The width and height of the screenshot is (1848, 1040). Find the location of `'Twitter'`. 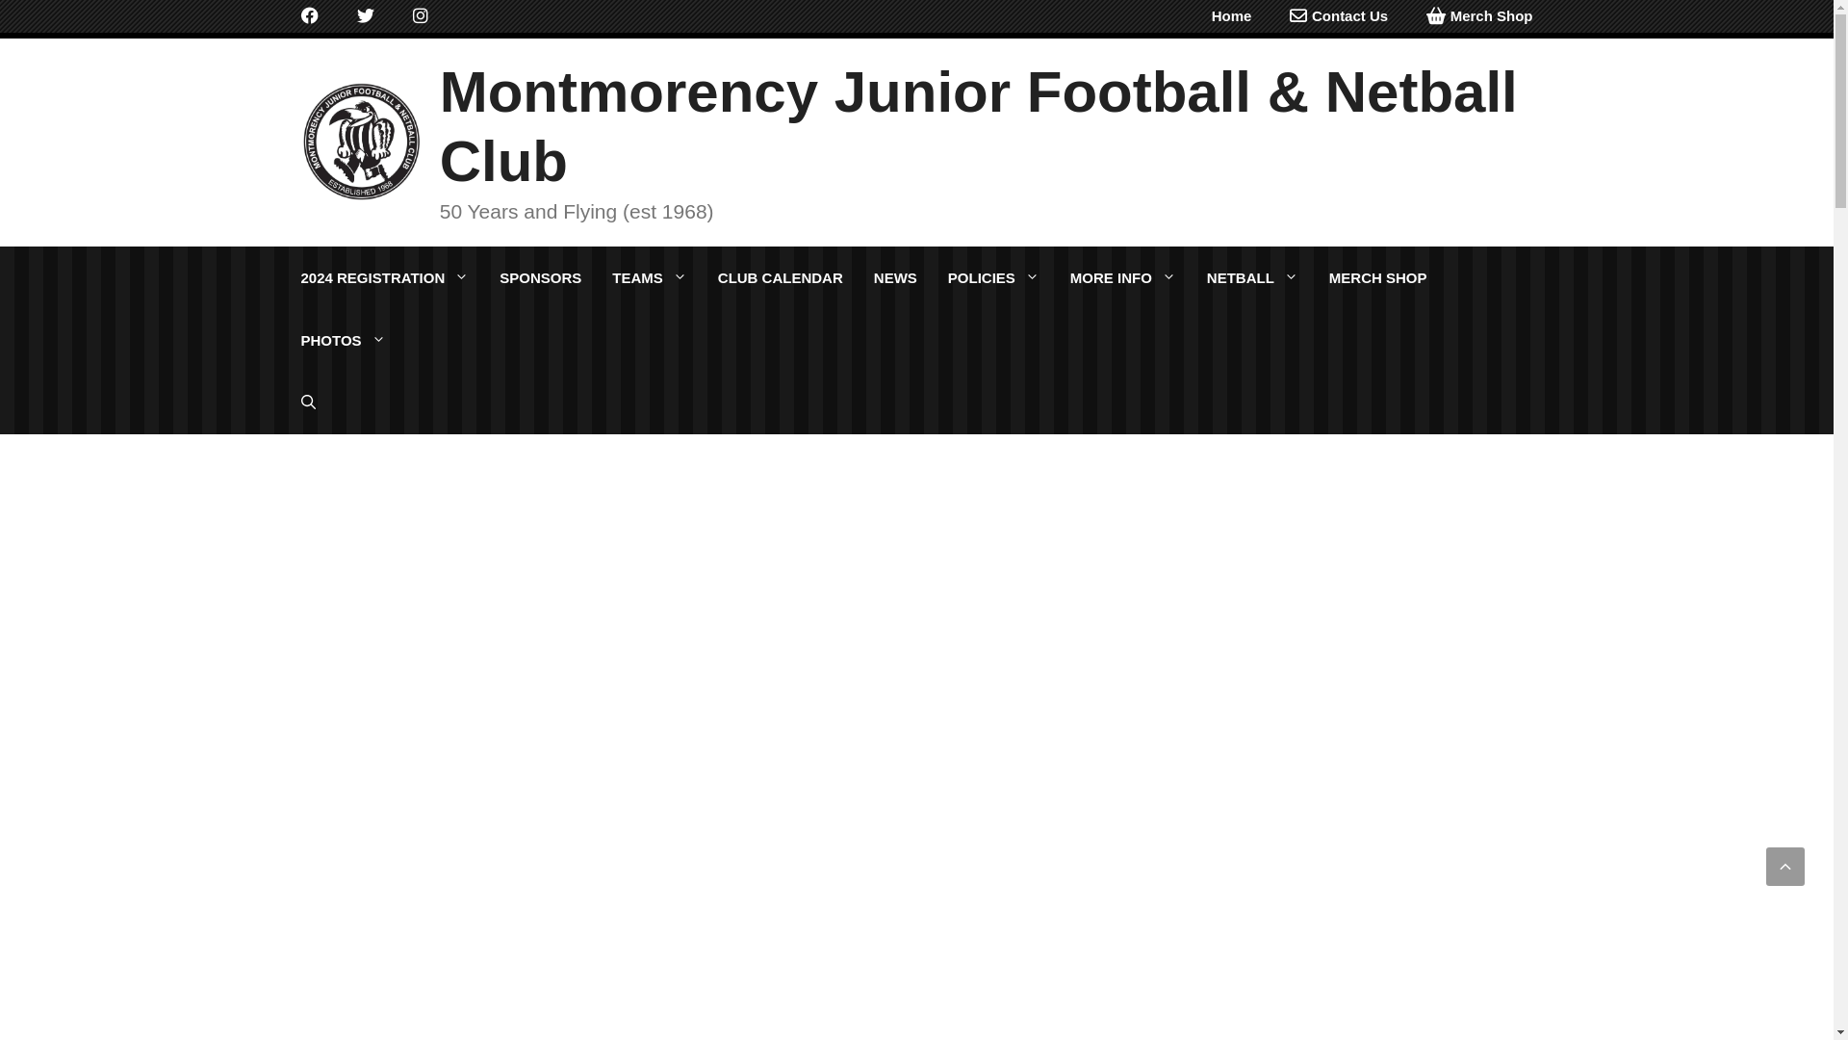

'Twitter' is located at coordinates (365, 15).